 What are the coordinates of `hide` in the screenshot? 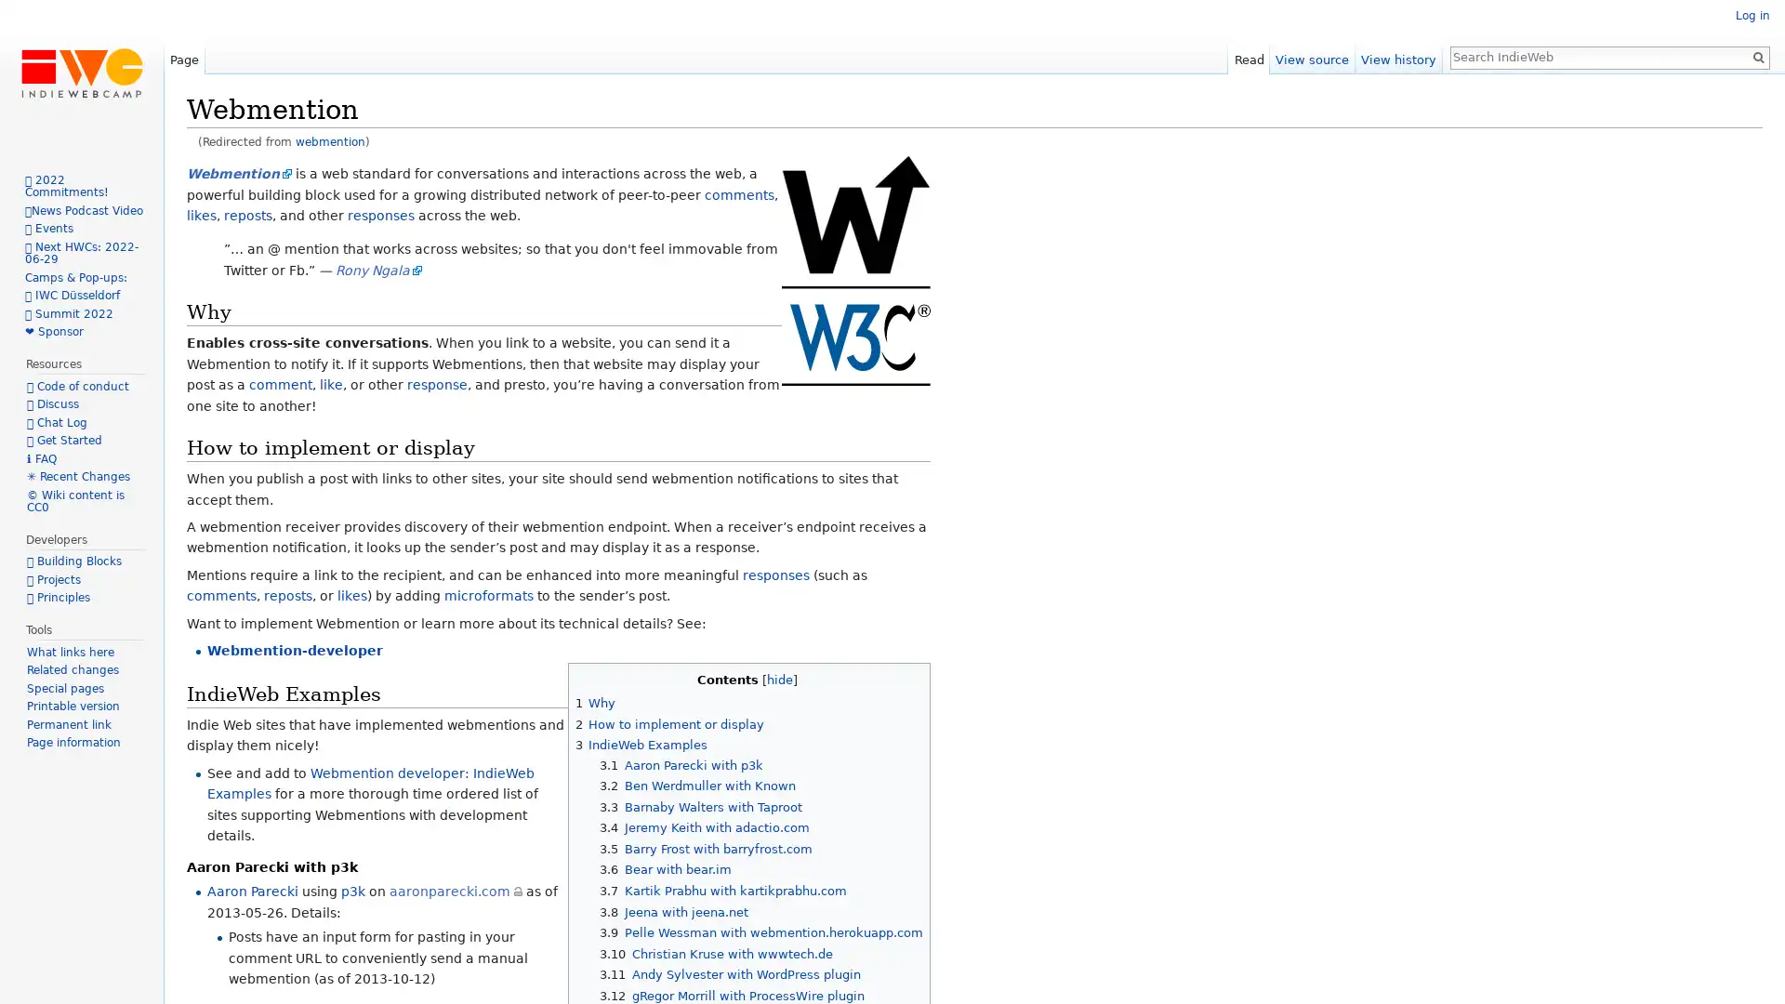 It's located at (779, 679).